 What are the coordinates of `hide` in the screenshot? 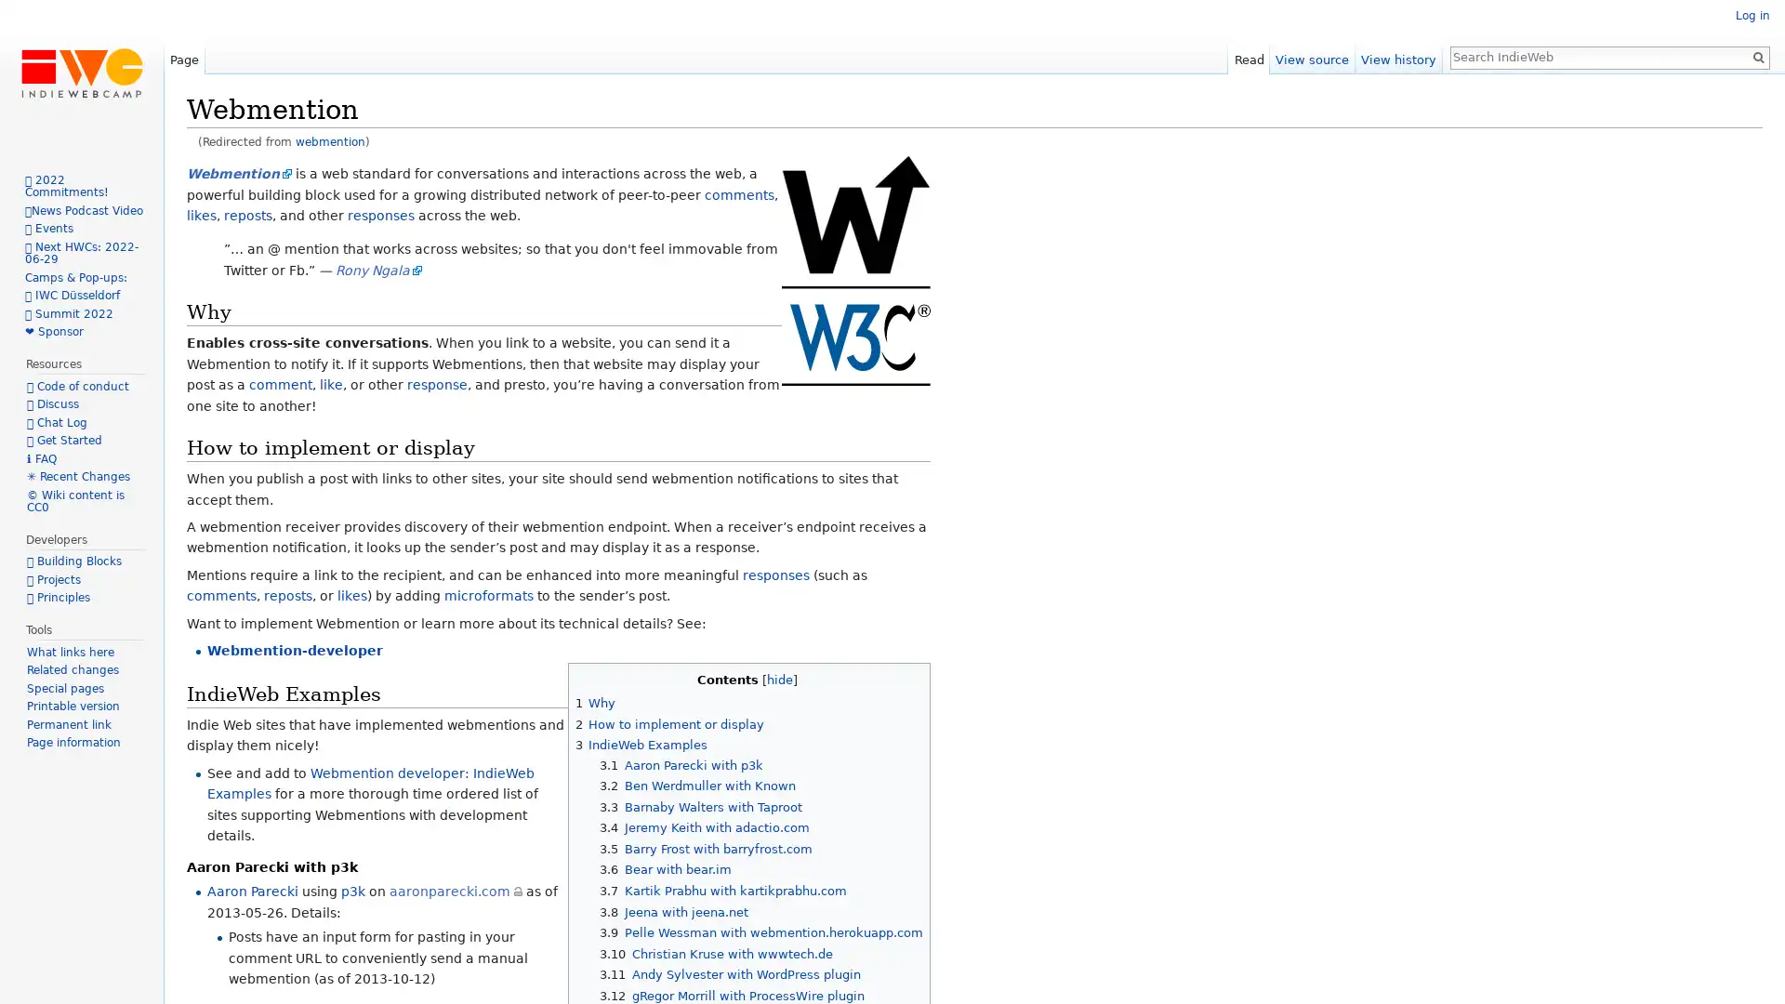 It's located at (779, 679).